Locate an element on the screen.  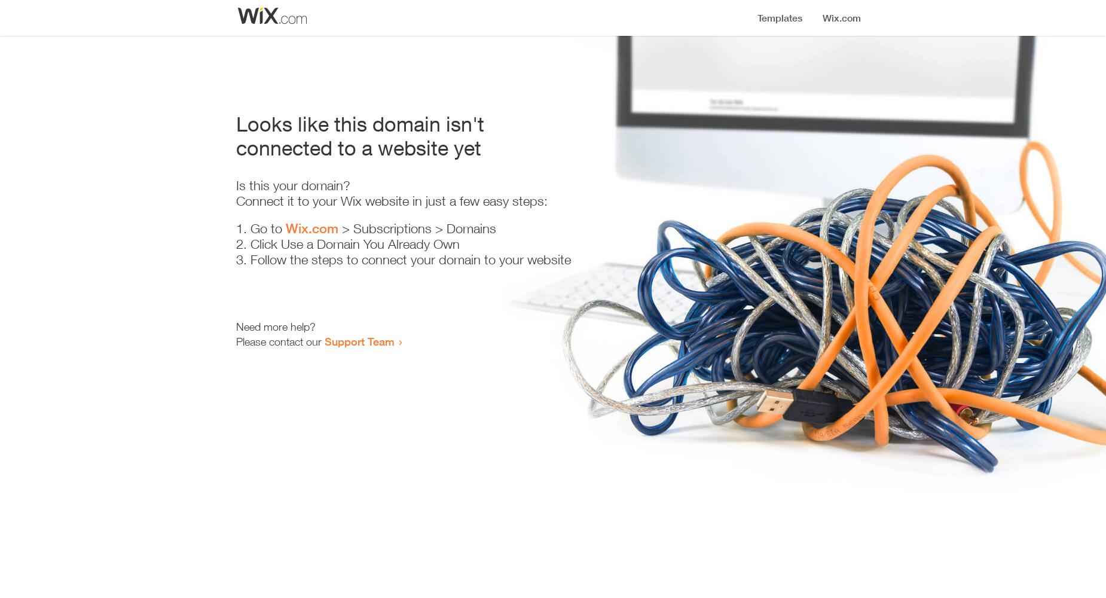
'Wix.com' is located at coordinates (286, 228).